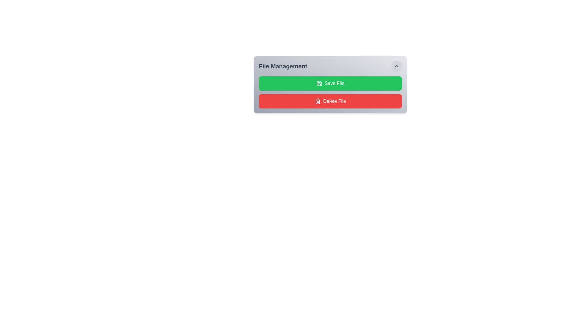 The height and width of the screenshot is (321, 572). Describe the element at coordinates (335, 84) in the screenshot. I see `the 'Save File' text label, which is styled in white on a green background and is part of the button with a floppy disk icon` at that location.